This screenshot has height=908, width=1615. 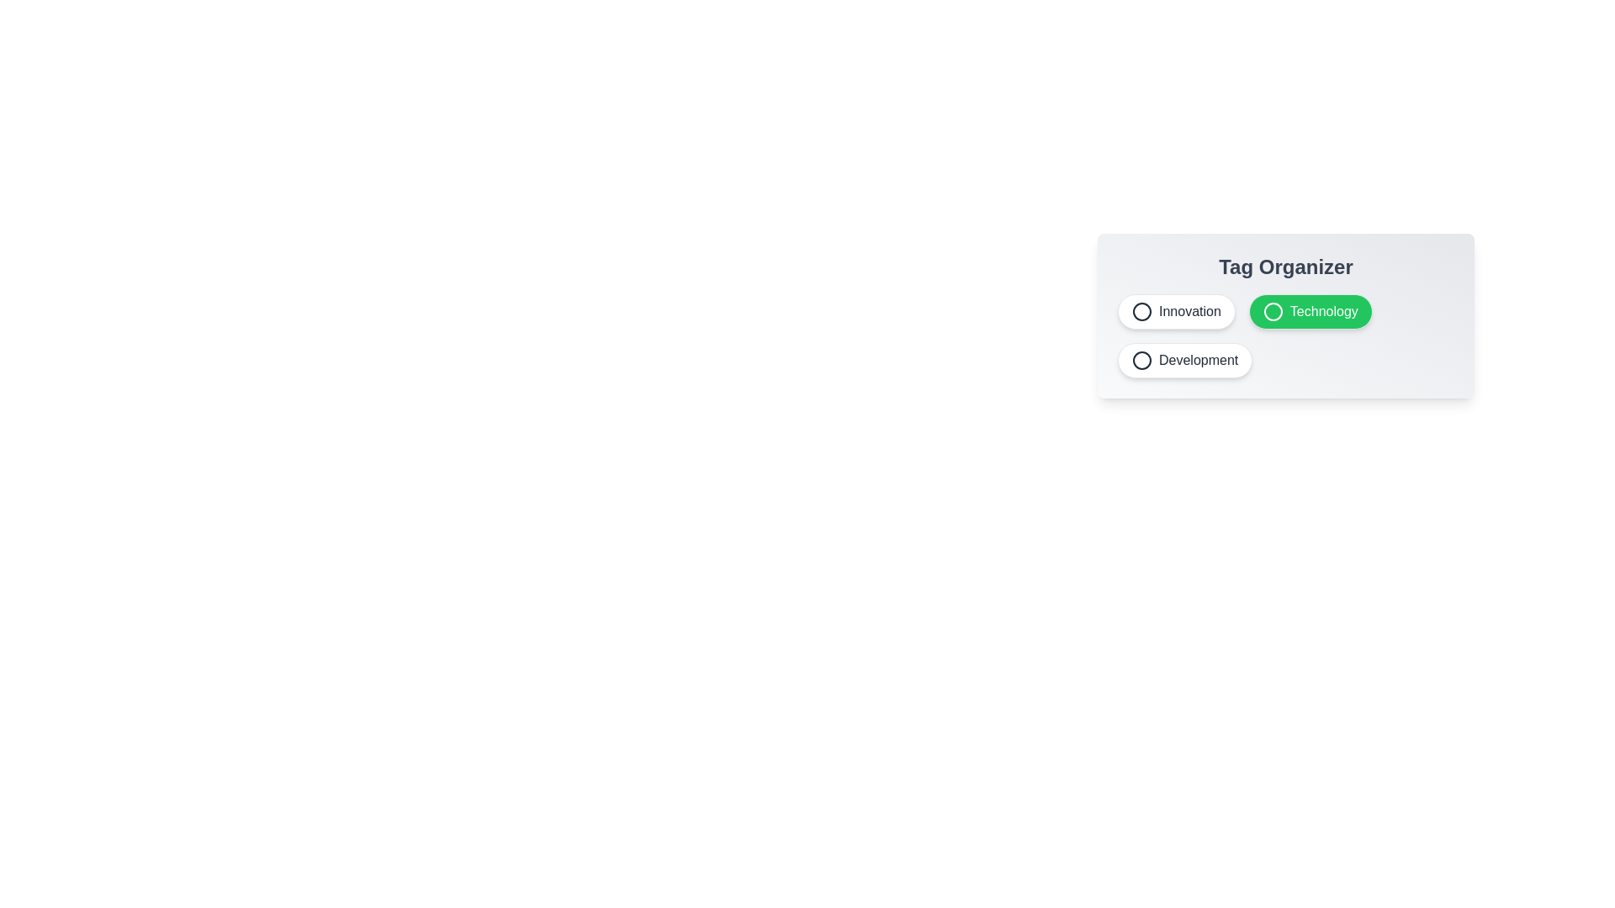 What do you see at coordinates (1175, 311) in the screenshot?
I see `the tag Innovation` at bounding box center [1175, 311].